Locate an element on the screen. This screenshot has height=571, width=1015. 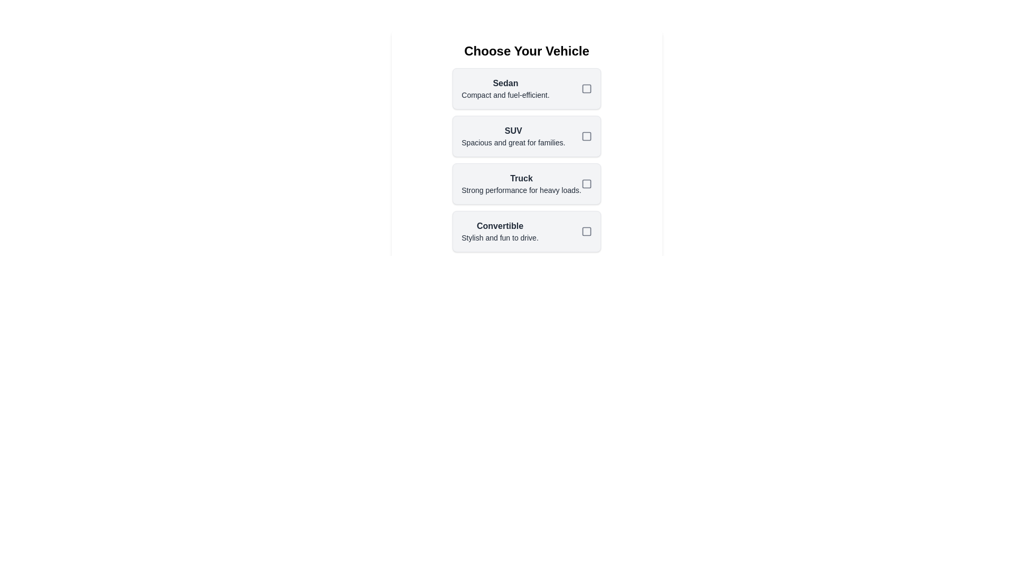
the vehicle entry corresponding to SUV is located at coordinates (527, 136).